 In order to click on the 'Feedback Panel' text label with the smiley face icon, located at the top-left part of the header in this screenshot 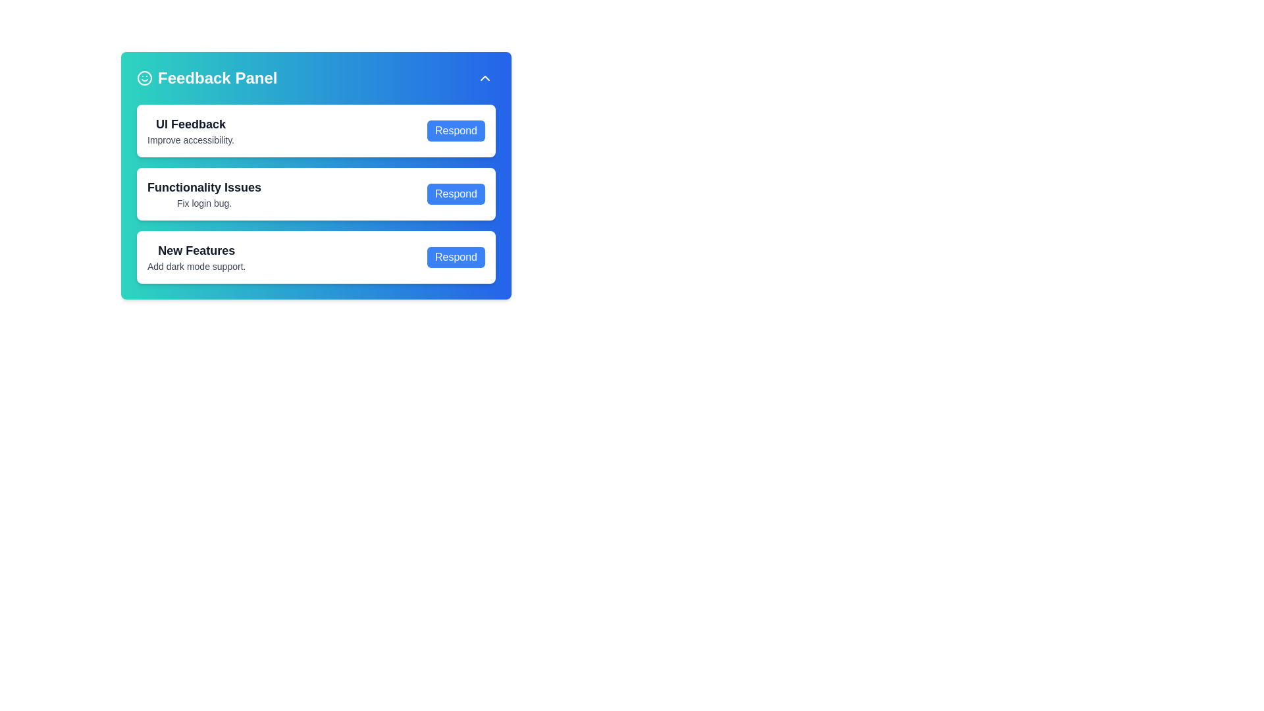, I will do `click(206, 78)`.